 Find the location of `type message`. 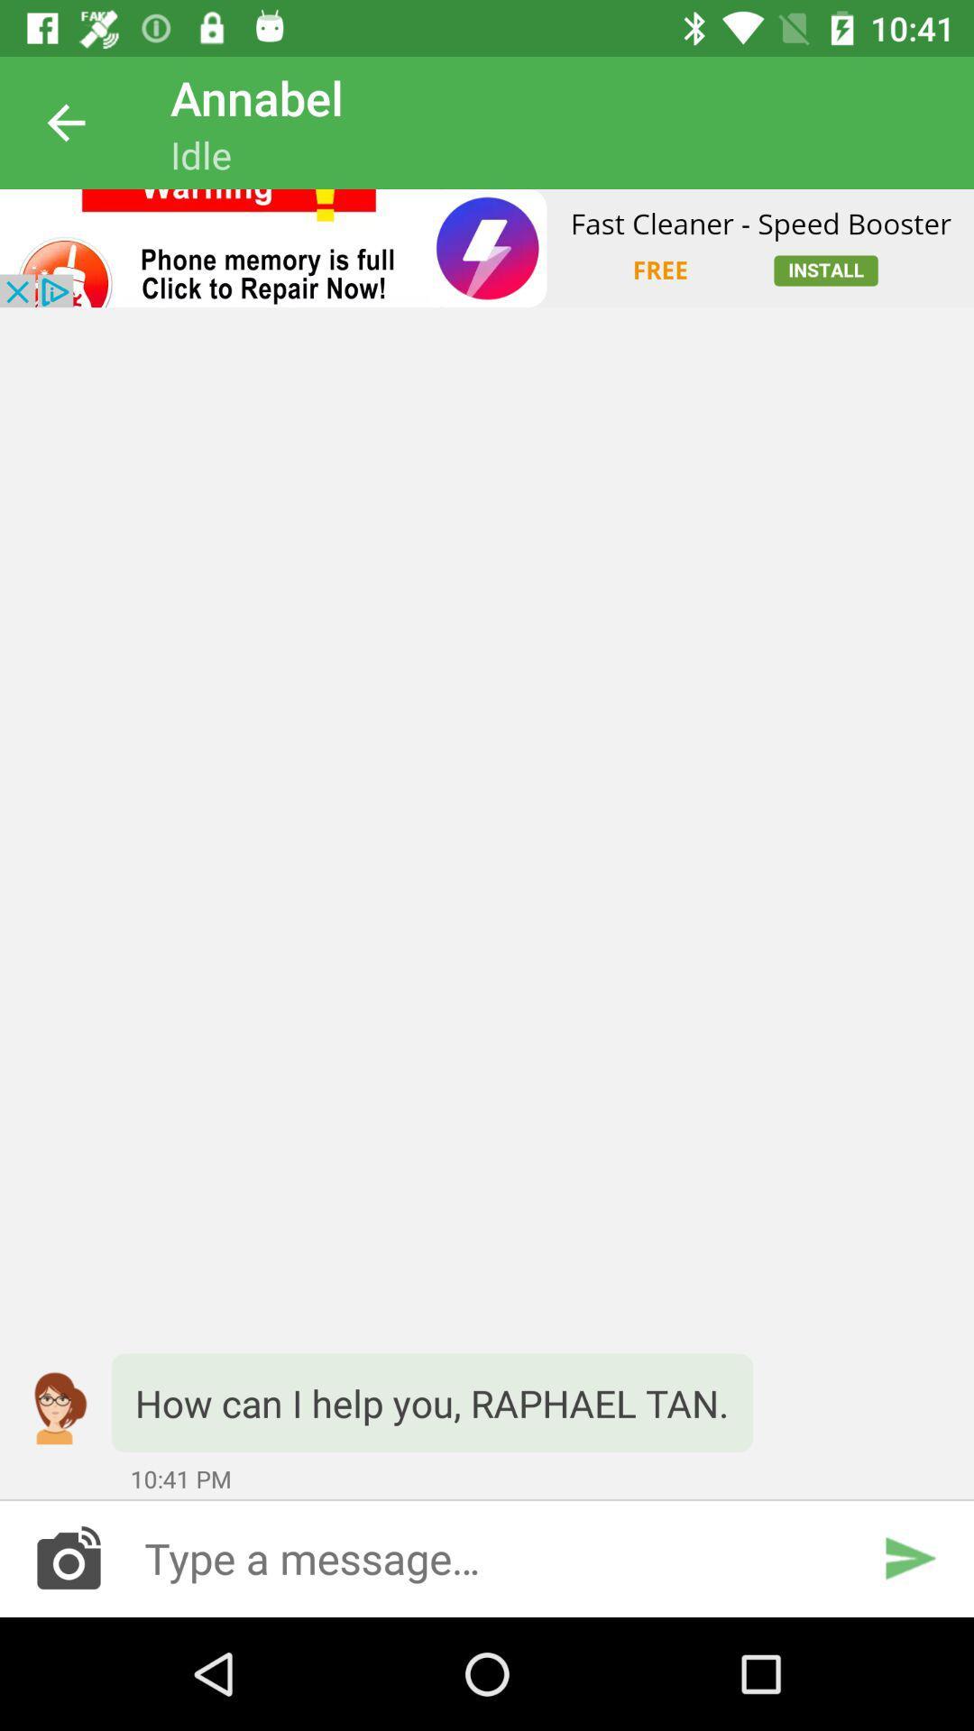

type message is located at coordinates (487, 1557).